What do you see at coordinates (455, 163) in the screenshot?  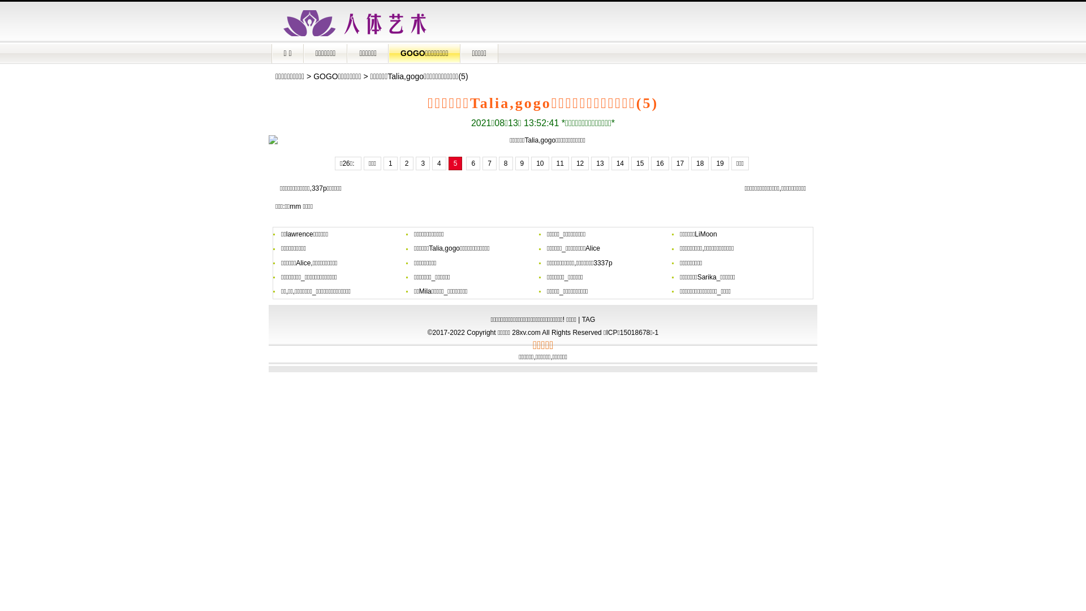 I see `'5'` at bounding box center [455, 163].